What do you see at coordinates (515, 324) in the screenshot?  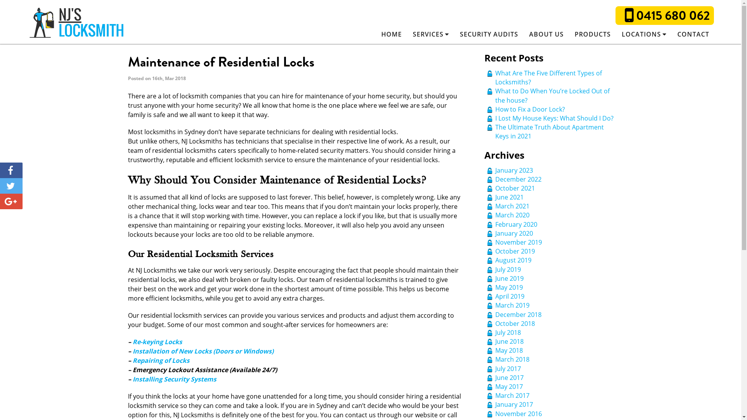 I see `'October 2018'` at bounding box center [515, 324].